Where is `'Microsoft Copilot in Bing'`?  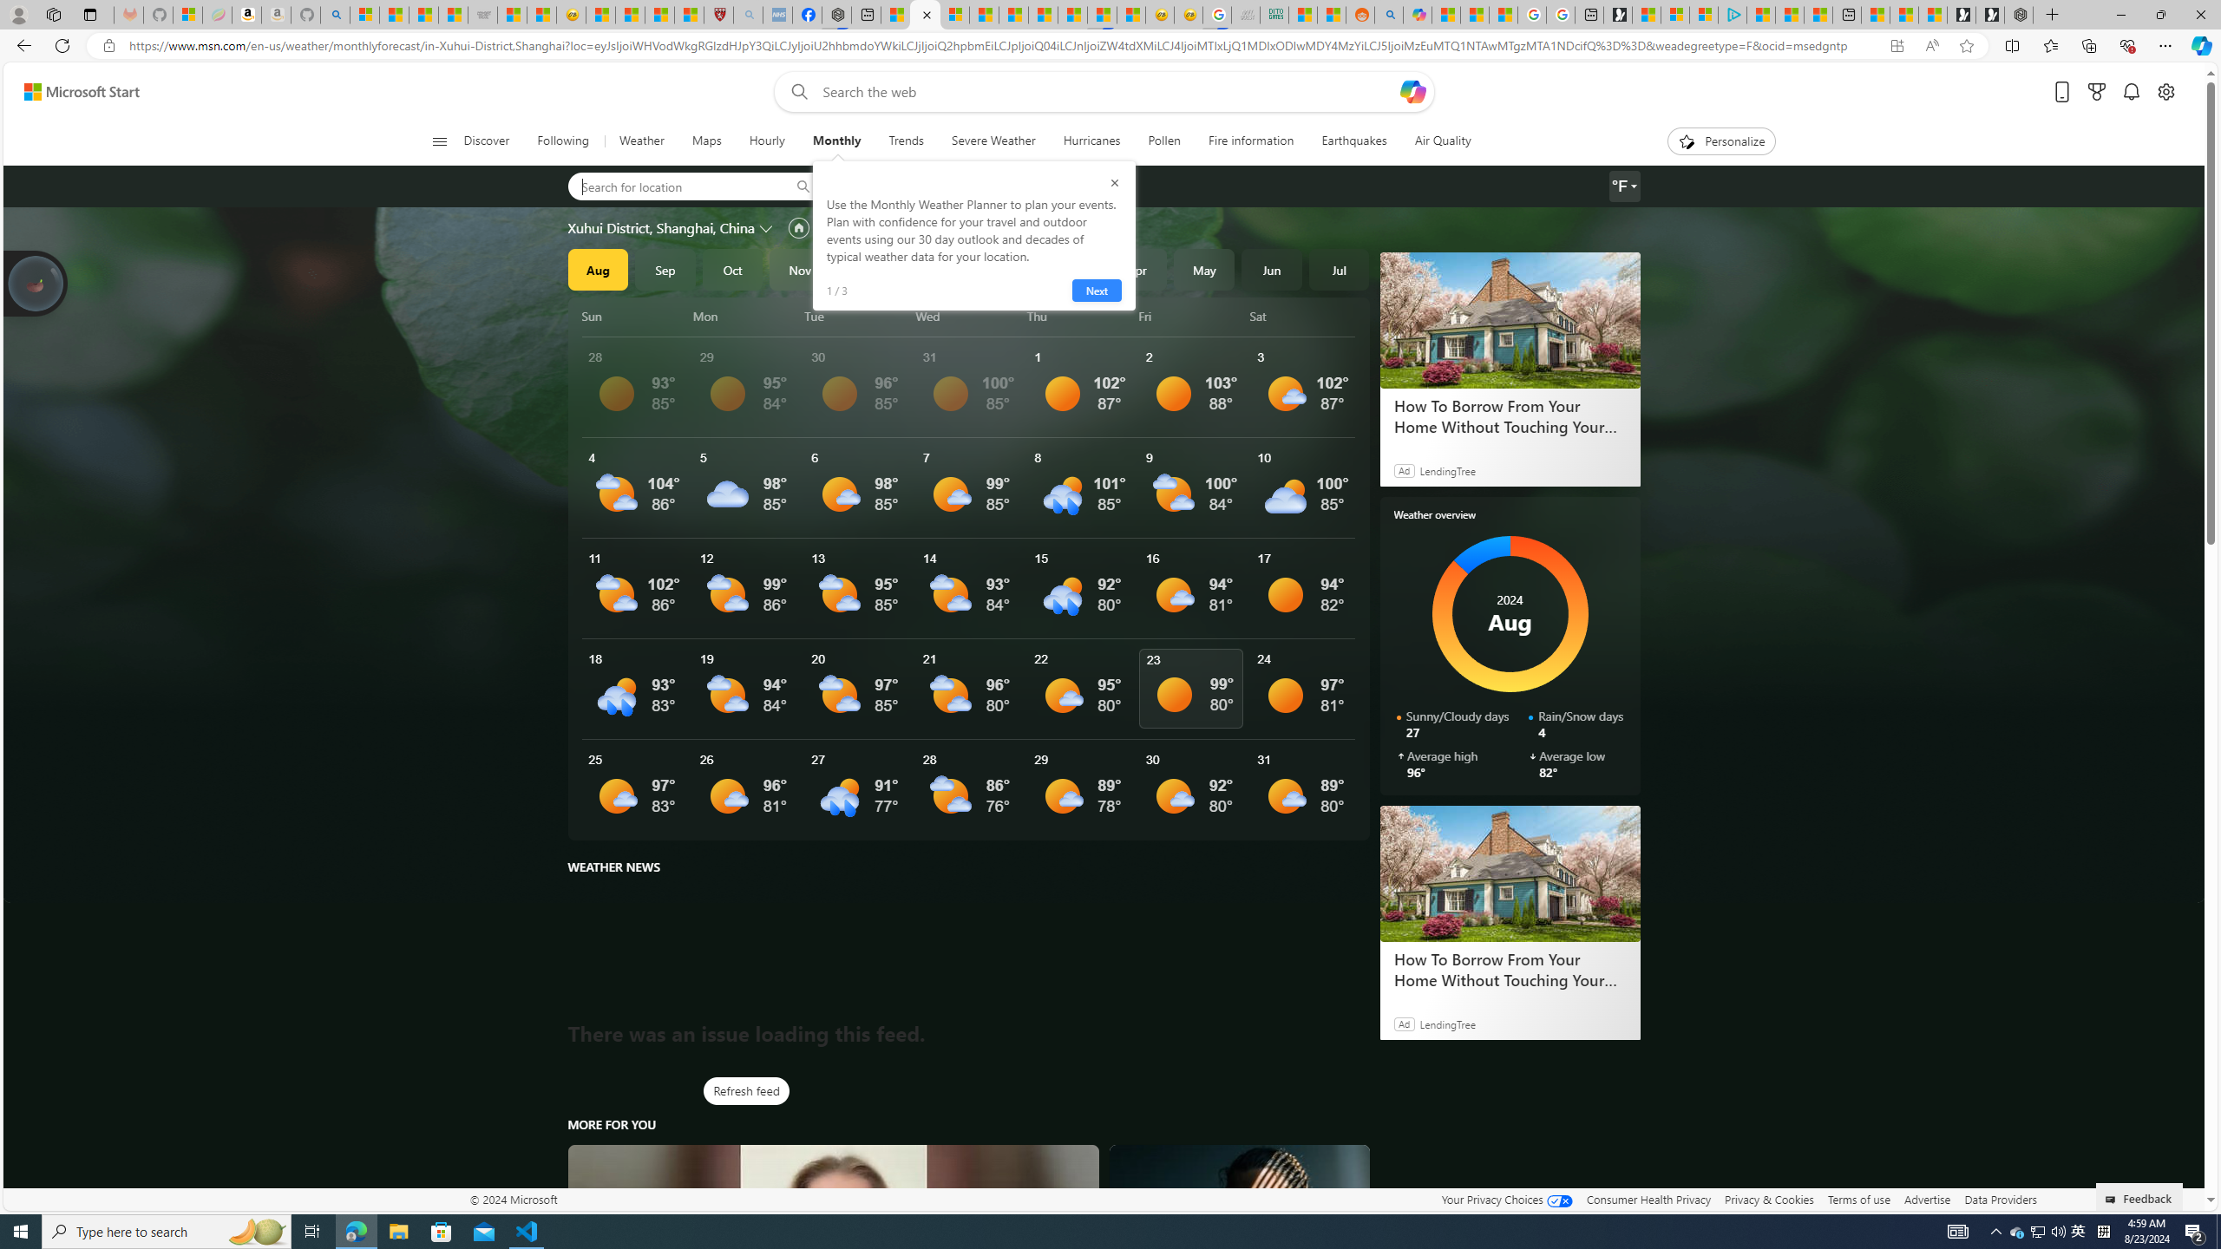 'Microsoft Copilot in Bing' is located at coordinates (1418, 14).